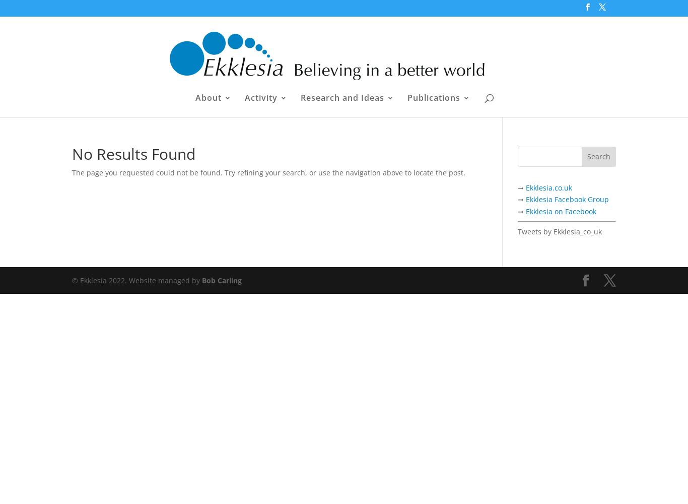 Image resolution: width=688 pixels, height=504 pixels. Describe the element at coordinates (232, 274) in the screenshot. I see `'Contact'` at that location.